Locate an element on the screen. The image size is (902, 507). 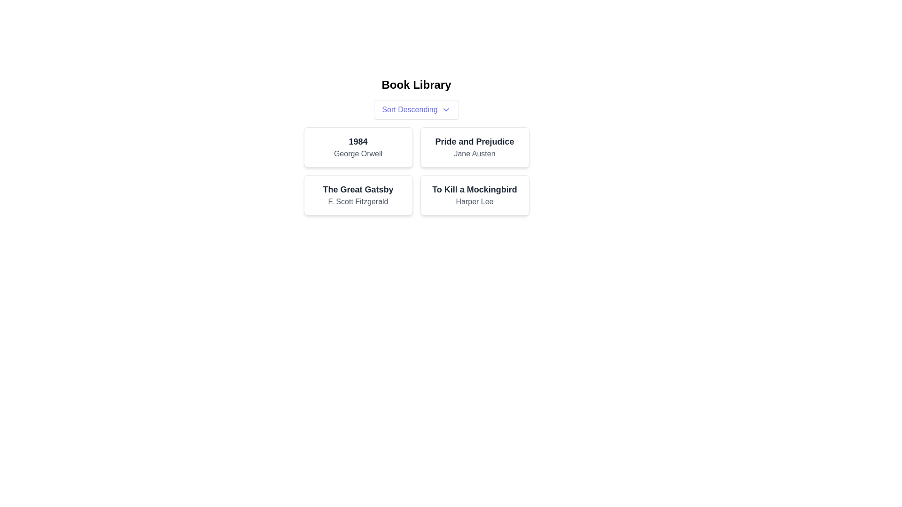
the static text label displaying the author's name for the book 'Pride and Prejudice', located at the bottom center of the card layout in the second column of the library interface is located at coordinates (474, 153).